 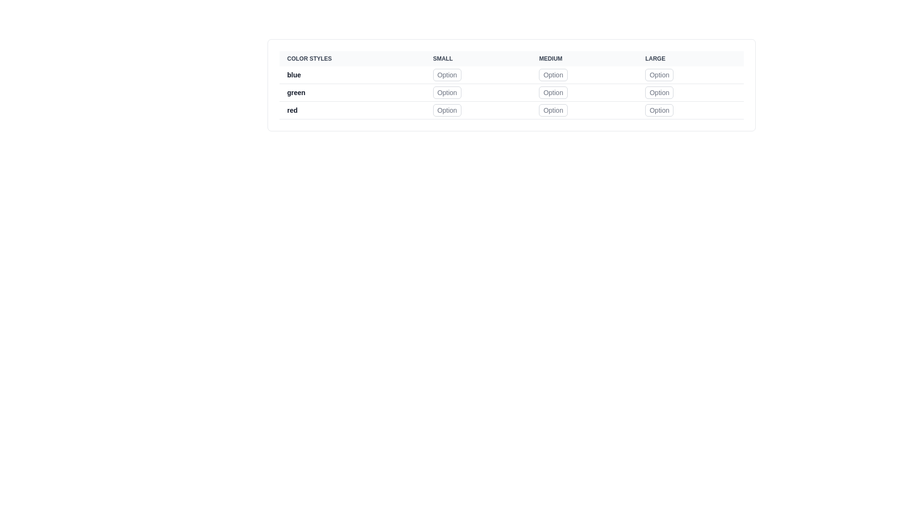 I want to click on an option within the middle row of the table that represents the 'green' category, which is located directly below the 'blue' row and above the 'red' row, so click(x=511, y=92).